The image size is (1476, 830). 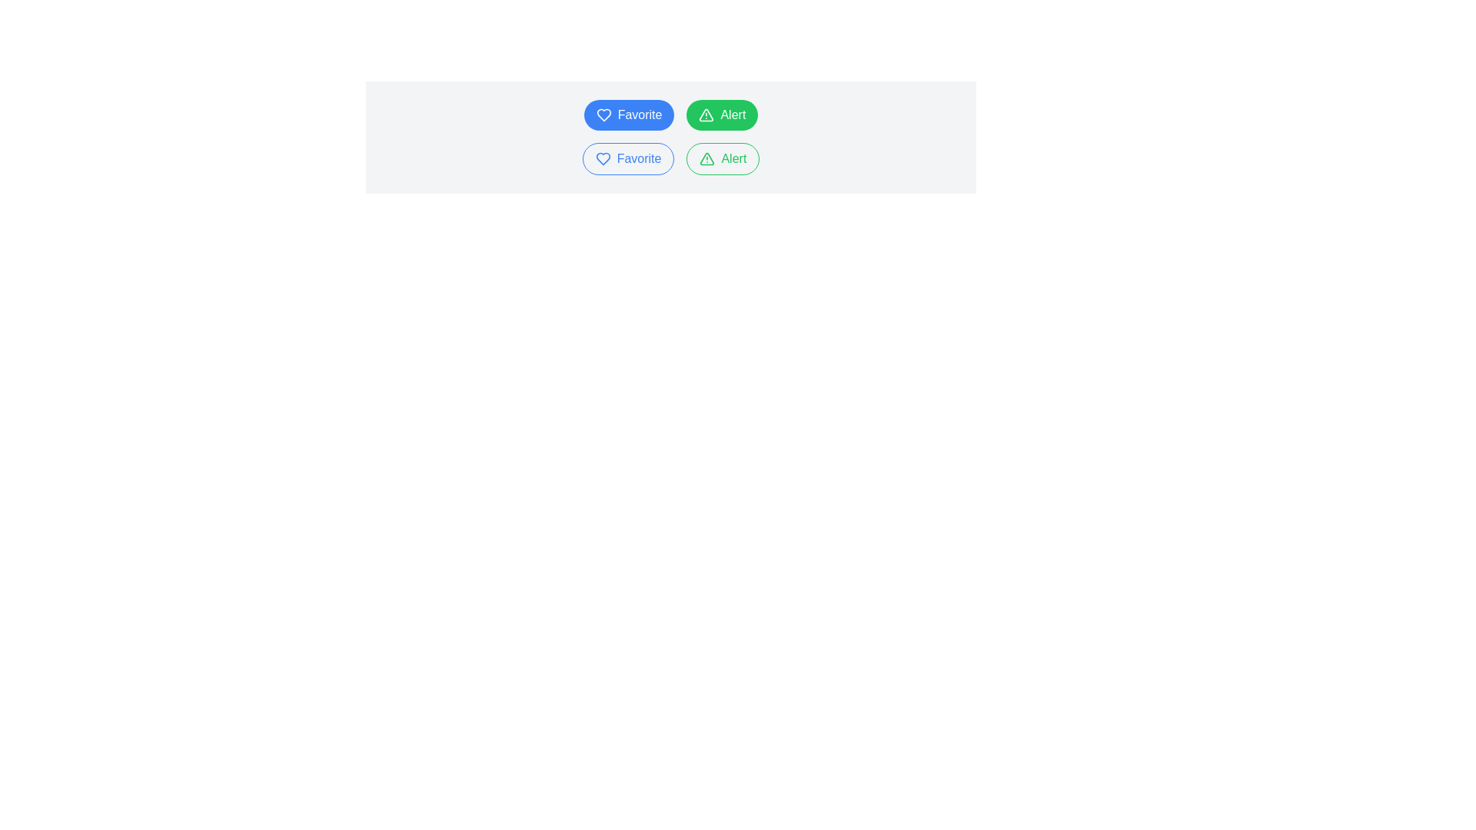 What do you see at coordinates (721, 115) in the screenshot?
I see `the 'Alert' button with a green background and white text` at bounding box center [721, 115].